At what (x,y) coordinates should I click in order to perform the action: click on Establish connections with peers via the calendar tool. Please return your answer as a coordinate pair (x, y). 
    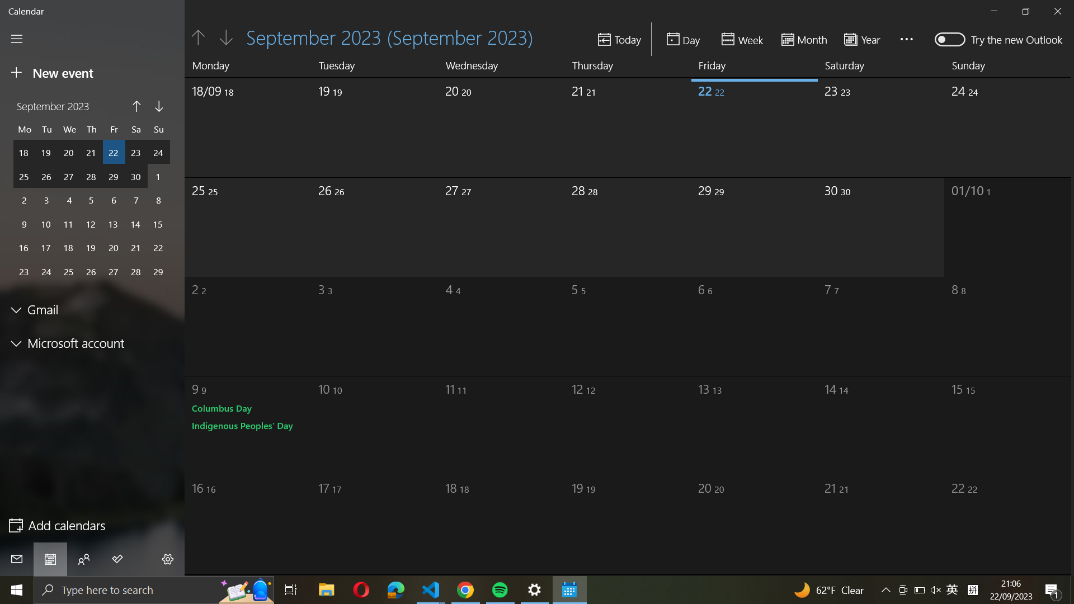
    Looking at the image, I should click on (83, 559).